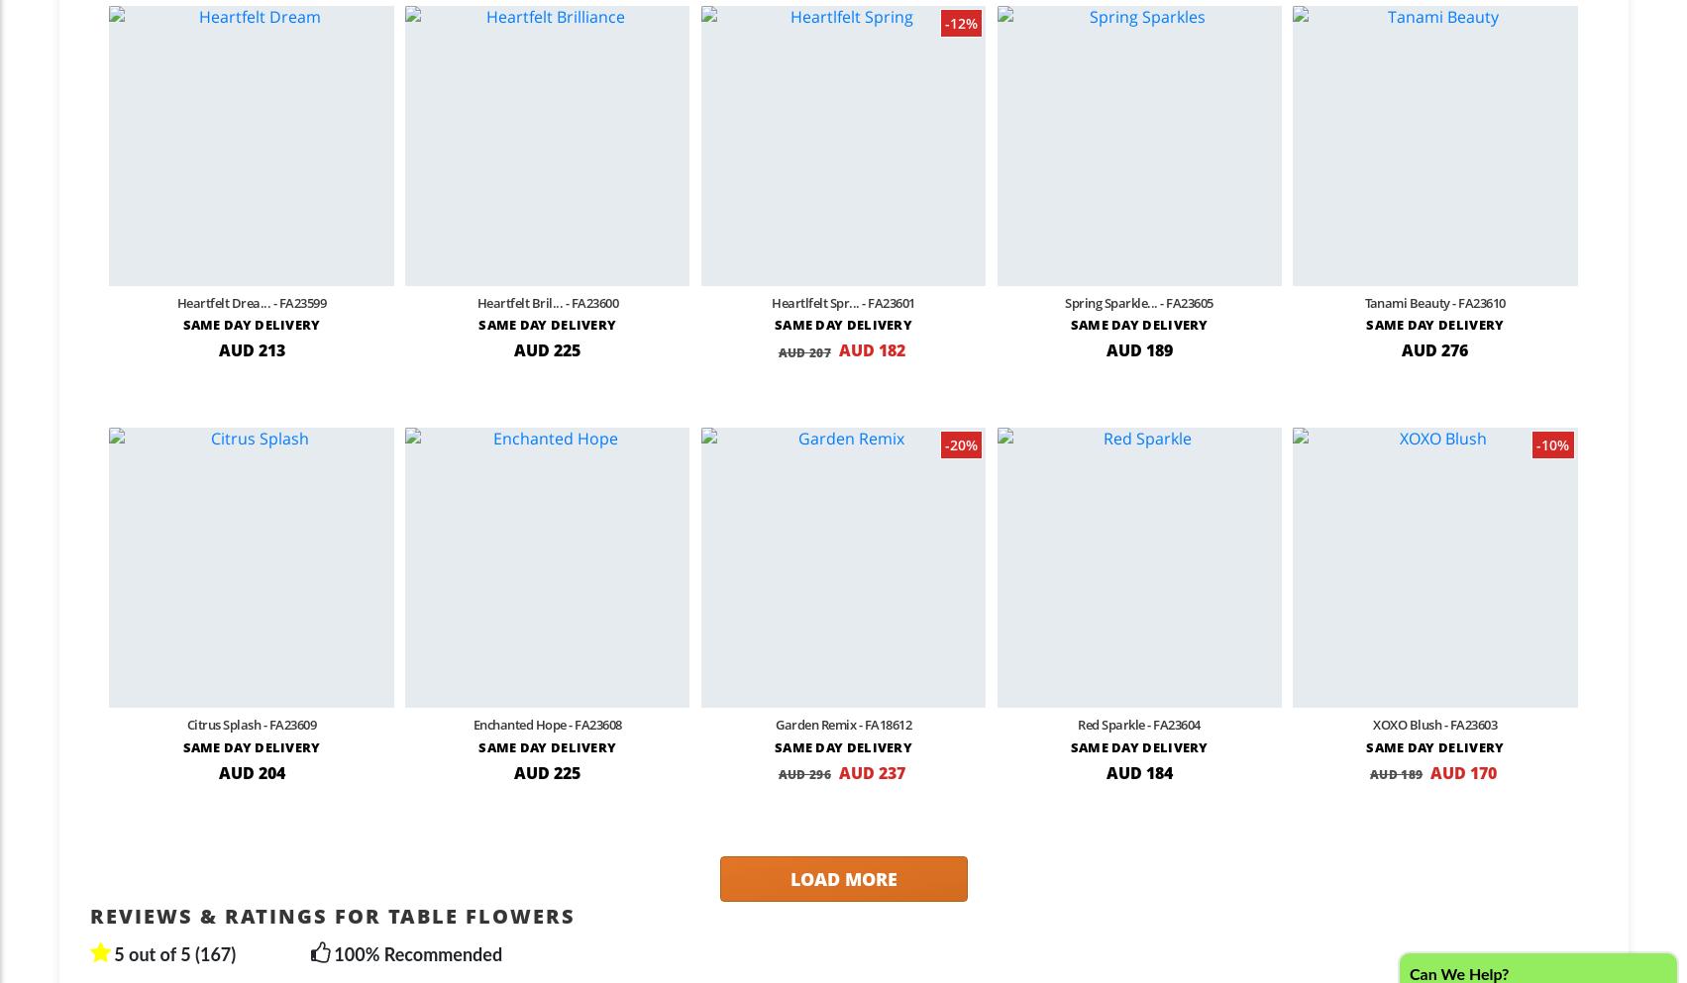 The height and width of the screenshot is (983, 1687). Describe the element at coordinates (545, 725) in the screenshot. I see `'Enchanted Hope - FA23608'` at that location.